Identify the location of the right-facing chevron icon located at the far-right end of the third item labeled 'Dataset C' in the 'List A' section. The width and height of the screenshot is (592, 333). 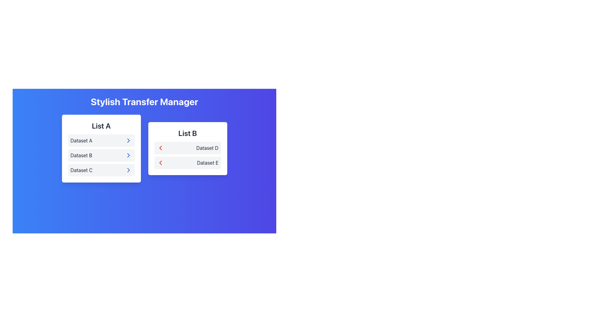
(128, 170).